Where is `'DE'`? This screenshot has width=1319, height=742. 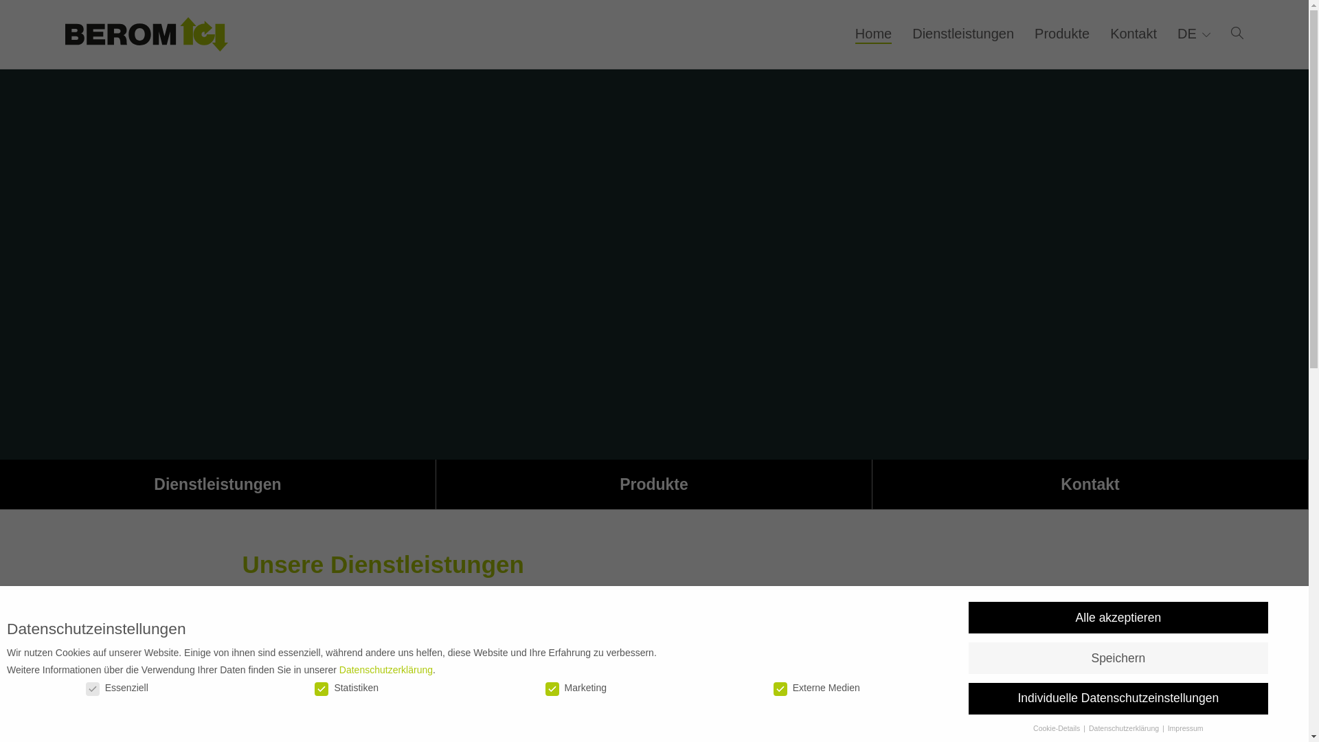 'DE' is located at coordinates (1176, 33).